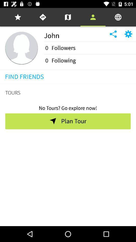 This screenshot has height=242, width=136. Describe the element at coordinates (118, 17) in the screenshot. I see `icon to the right of john icon` at that location.